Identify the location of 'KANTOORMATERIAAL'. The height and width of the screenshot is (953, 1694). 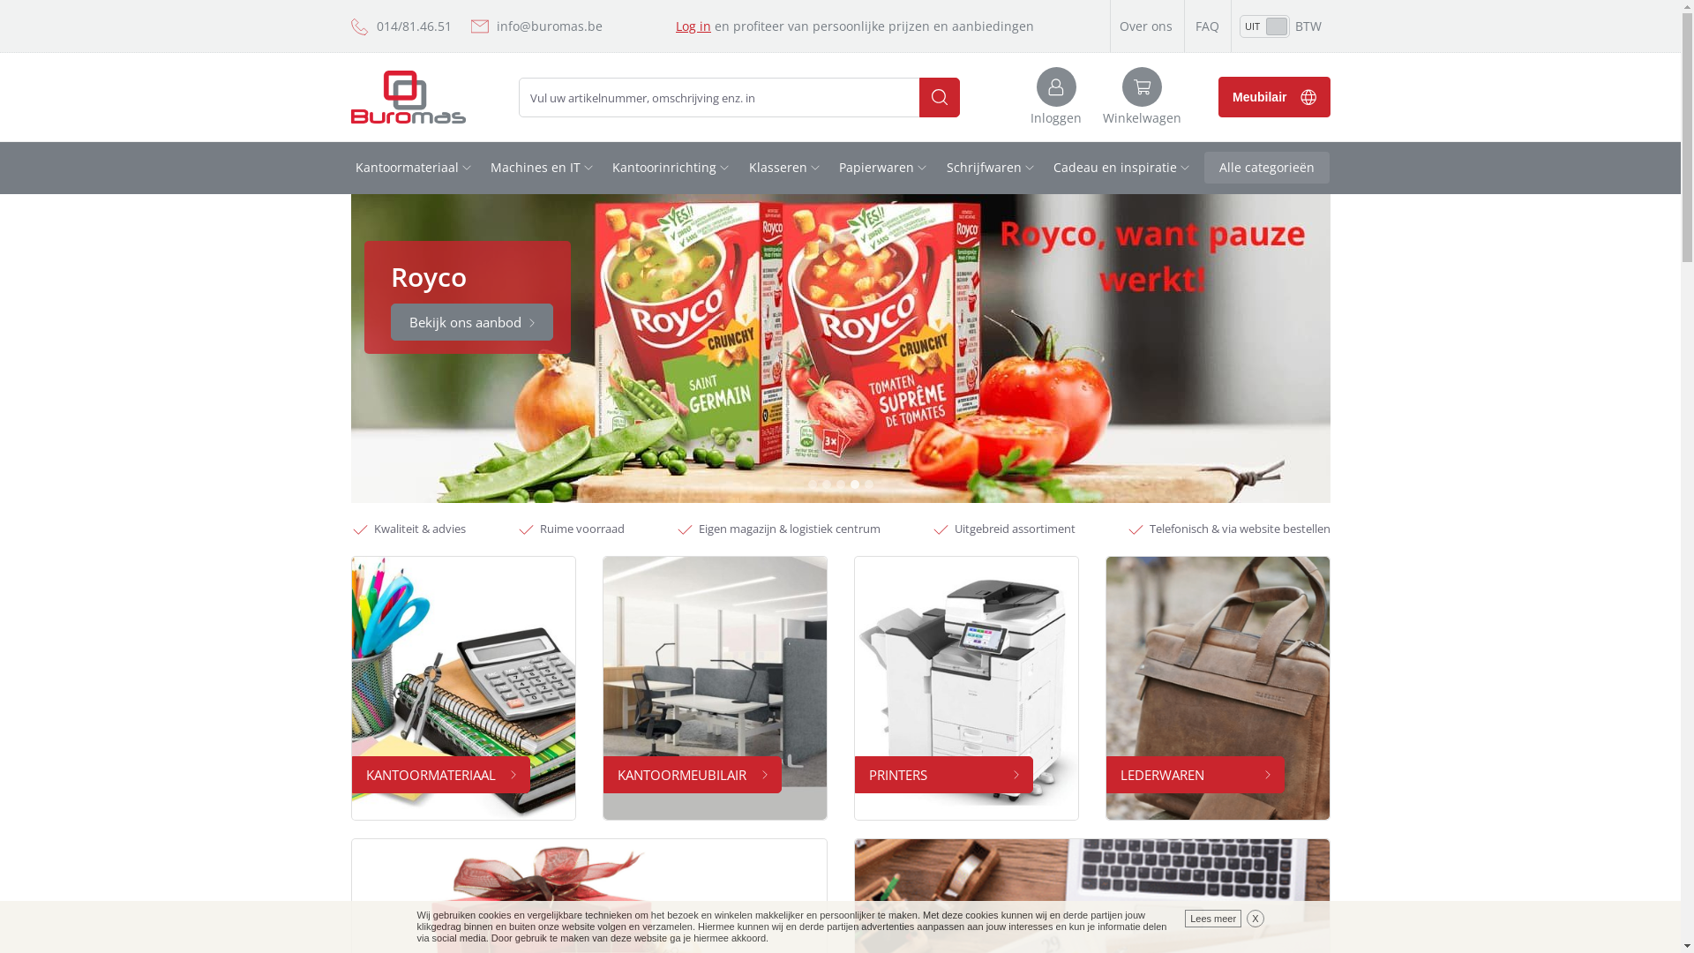
(440, 774).